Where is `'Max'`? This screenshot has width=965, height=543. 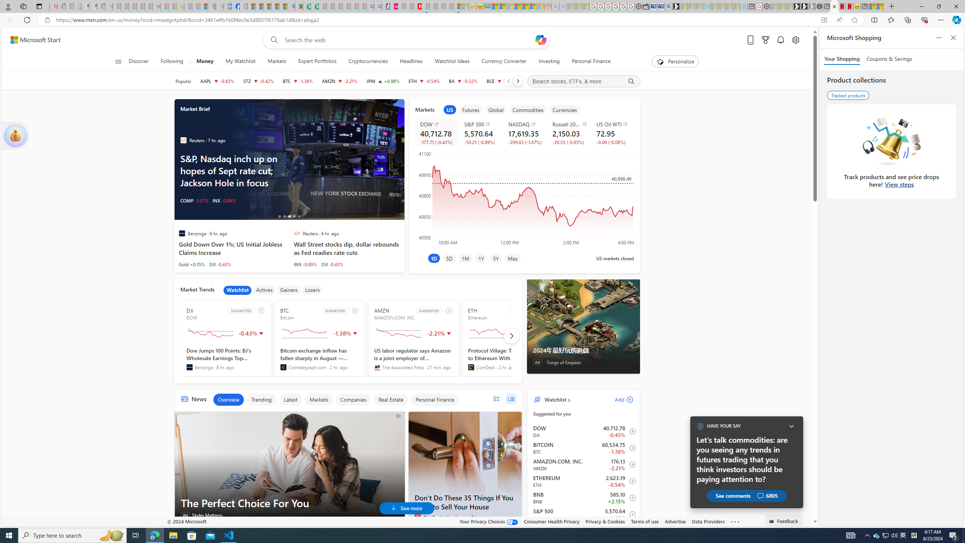 'Max' is located at coordinates (513, 258).